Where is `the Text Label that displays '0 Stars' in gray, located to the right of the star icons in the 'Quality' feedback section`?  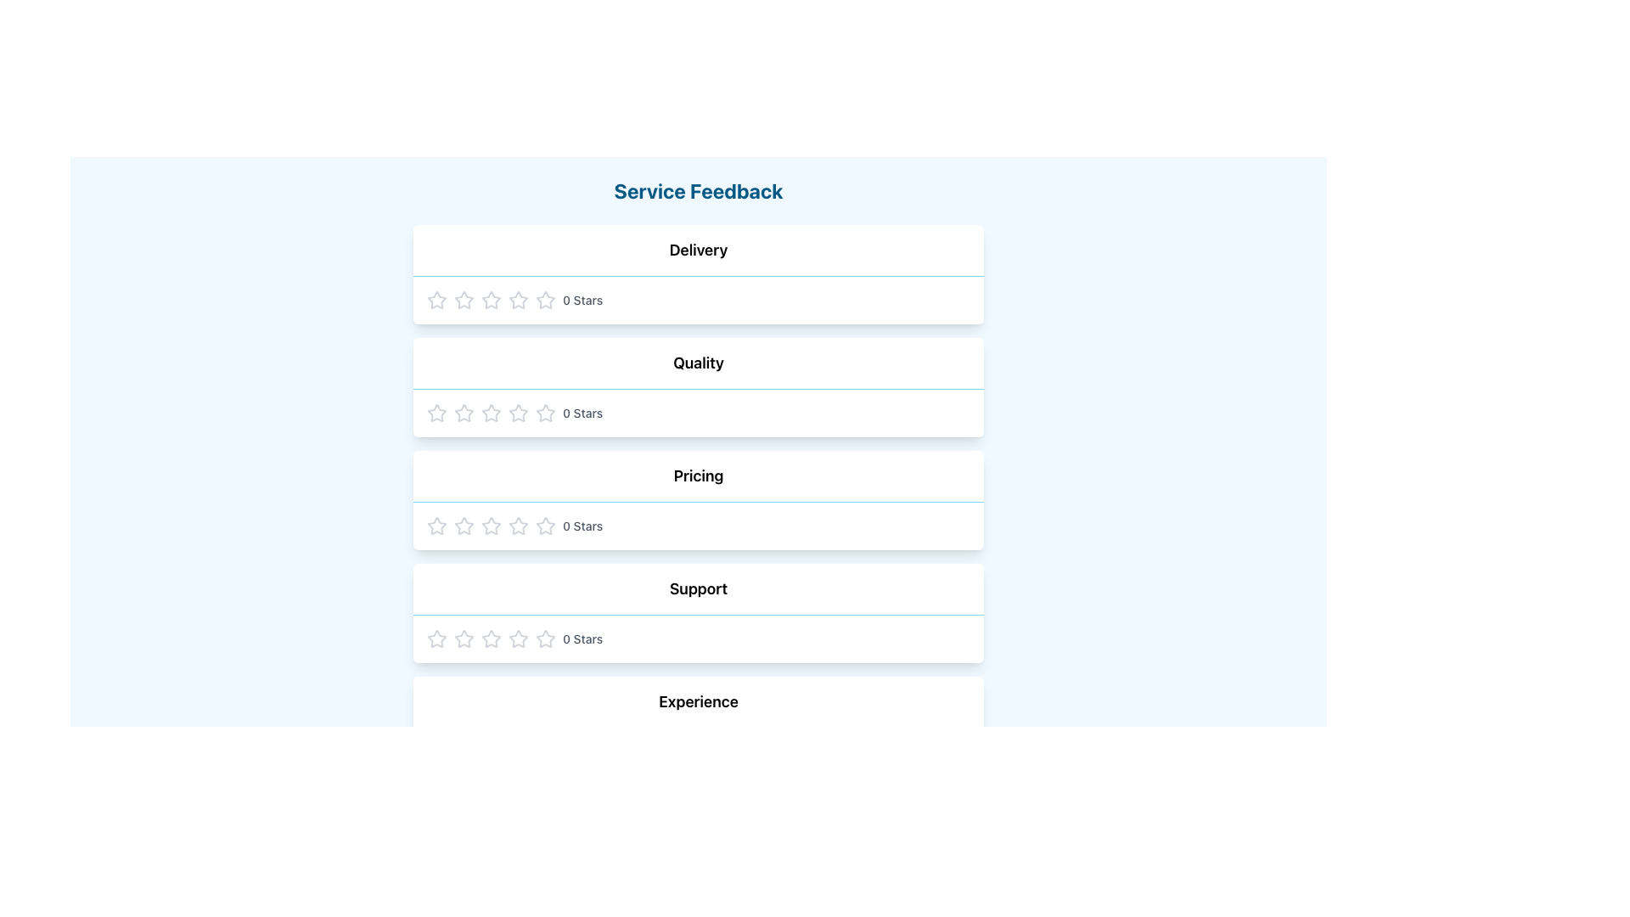
the Text Label that displays '0 Stars' in gray, located to the right of the star icons in the 'Quality' feedback section is located at coordinates (582, 413).